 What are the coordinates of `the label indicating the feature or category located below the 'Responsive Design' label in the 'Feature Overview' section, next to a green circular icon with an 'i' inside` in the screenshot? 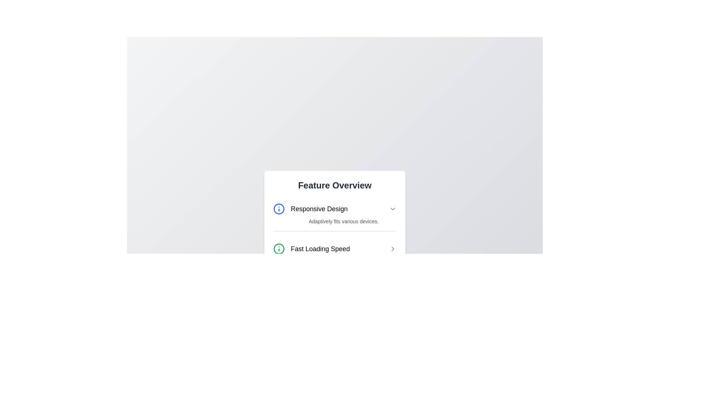 It's located at (320, 248).